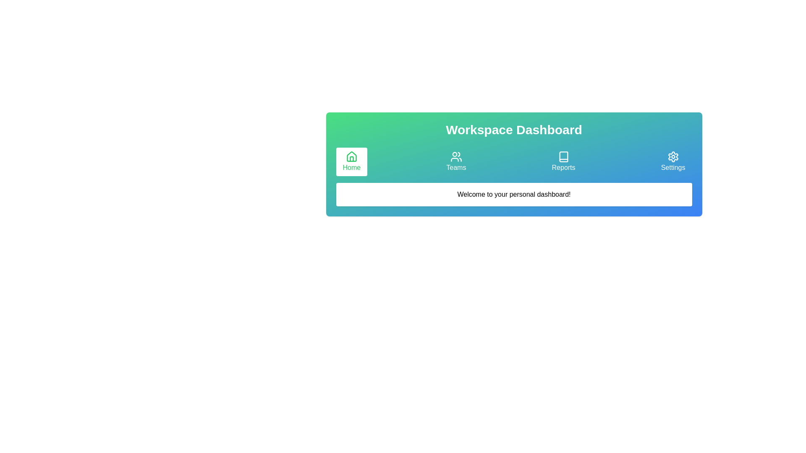 The width and height of the screenshot is (806, 453). I want to click on the 'Settings' button with a gear icon on the navigation bar, so click(673, 161).